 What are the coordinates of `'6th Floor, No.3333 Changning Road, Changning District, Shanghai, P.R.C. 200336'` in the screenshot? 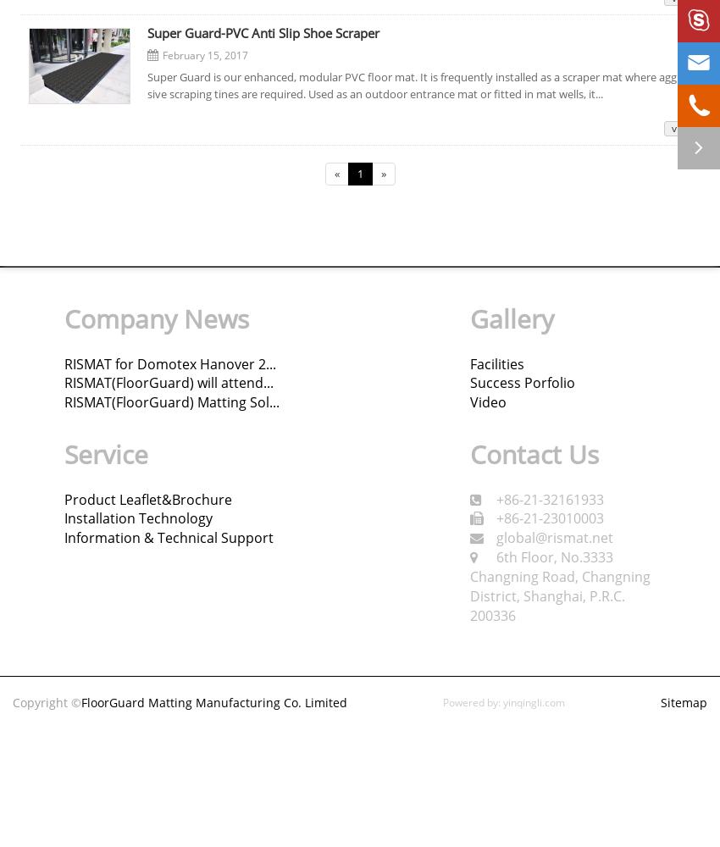 It's located at (559, 585).